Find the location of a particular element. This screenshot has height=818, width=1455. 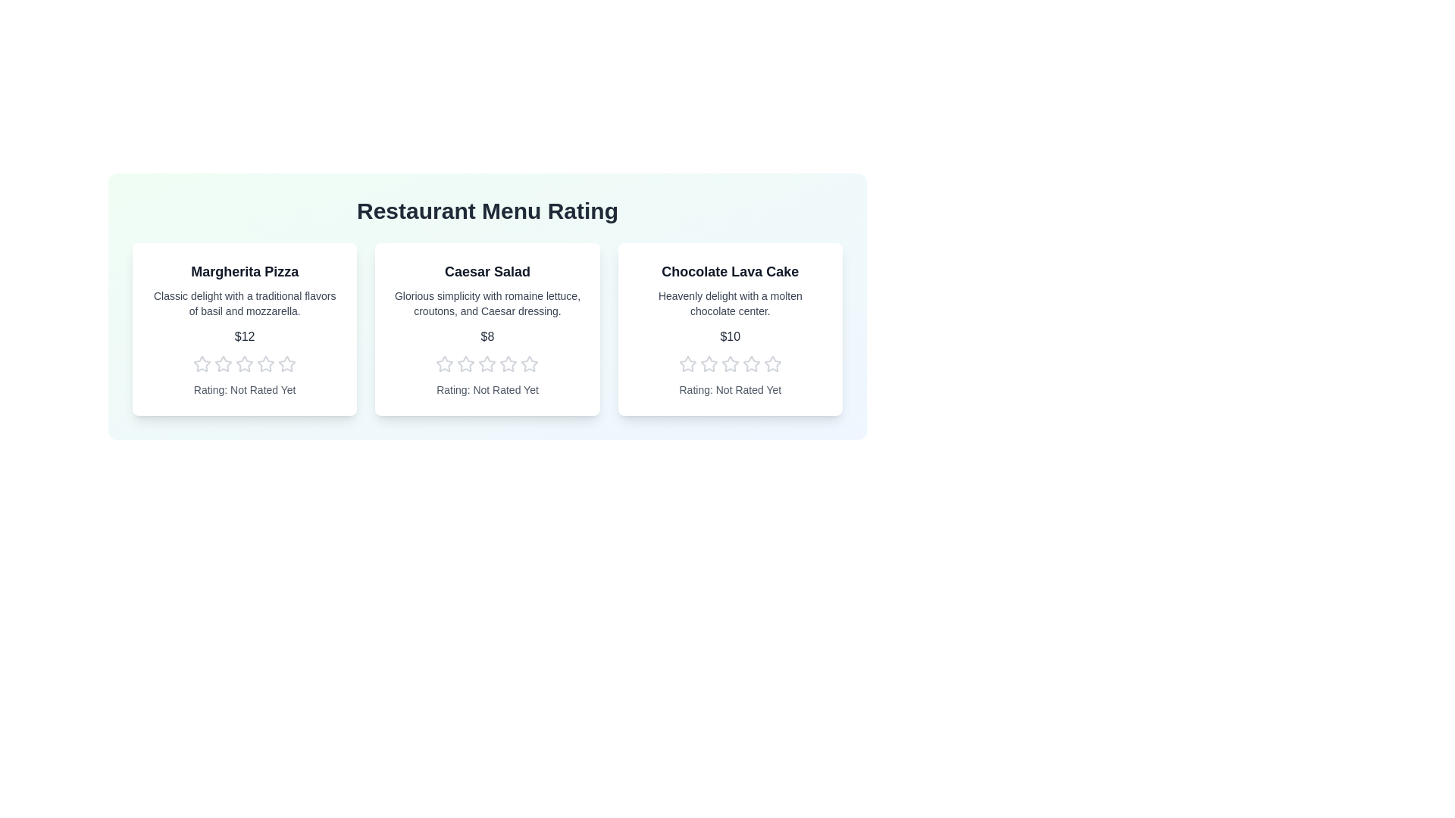

the 2 star to preview the rating is located at coordinates (223, 364).